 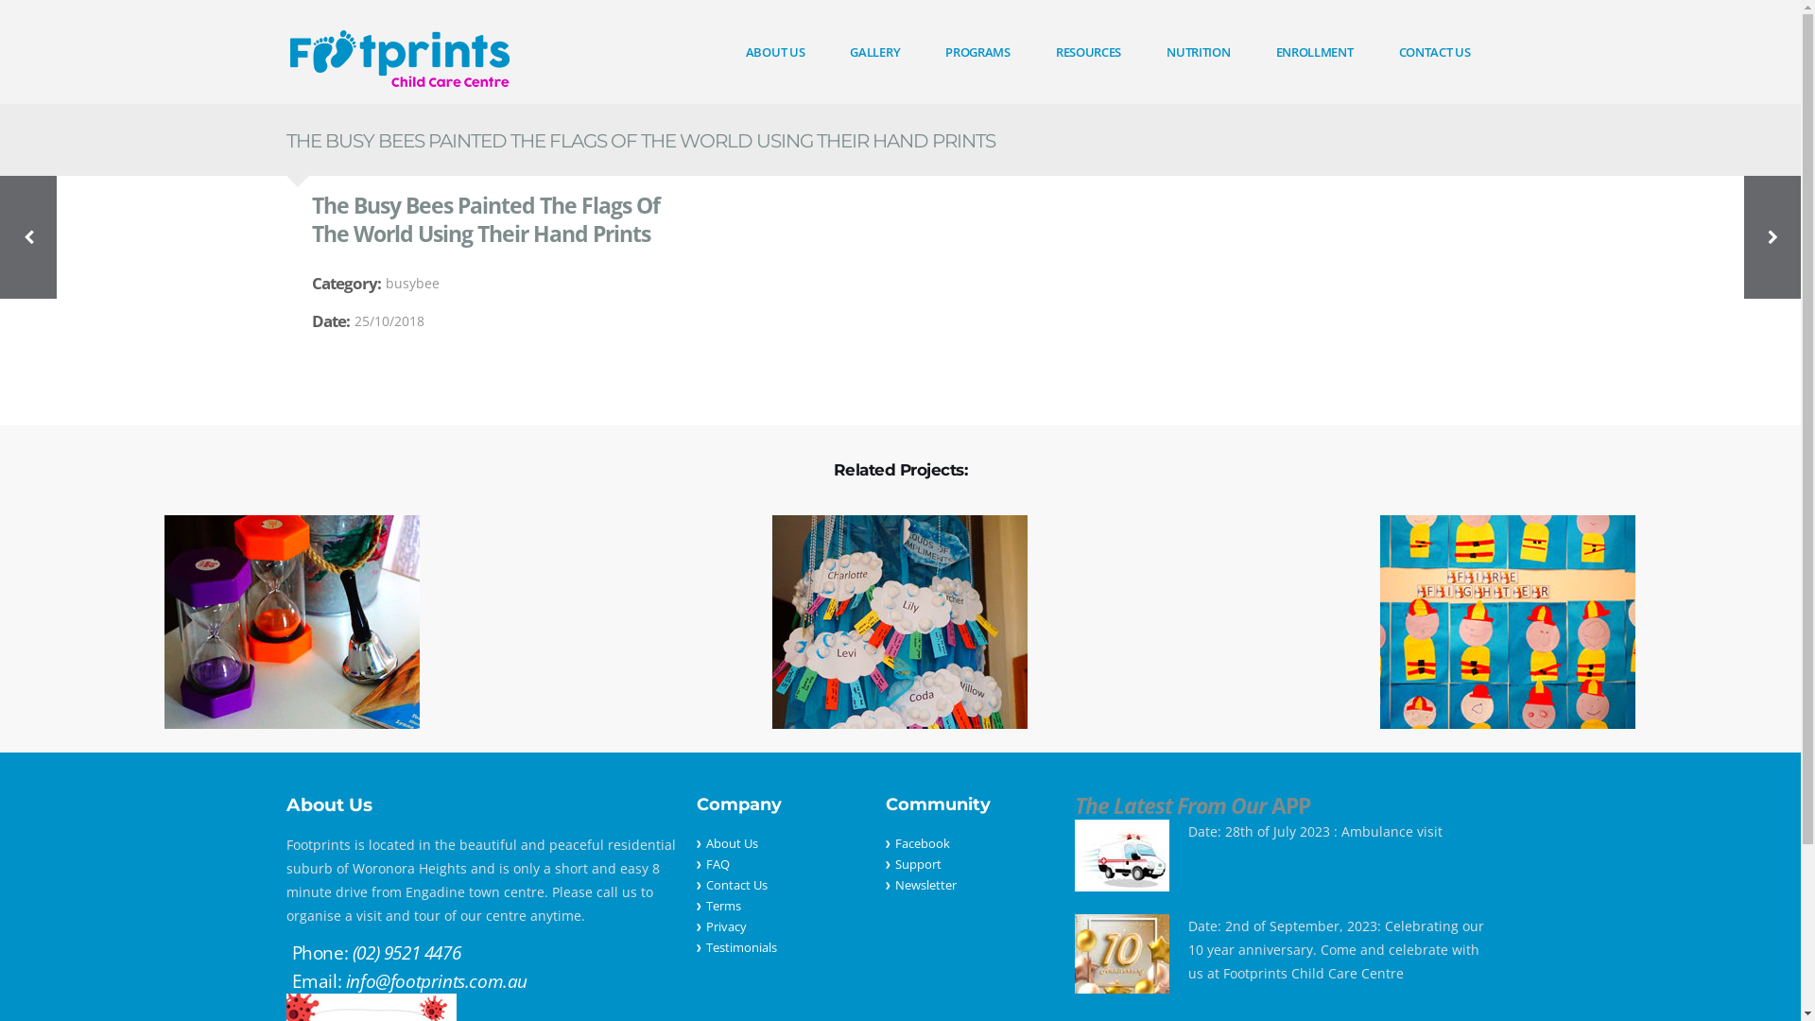 What do you see at coordinates (1088, 50) in the screenshot?
I see `'RESOURCES'` at bounding box center [1088, 50].